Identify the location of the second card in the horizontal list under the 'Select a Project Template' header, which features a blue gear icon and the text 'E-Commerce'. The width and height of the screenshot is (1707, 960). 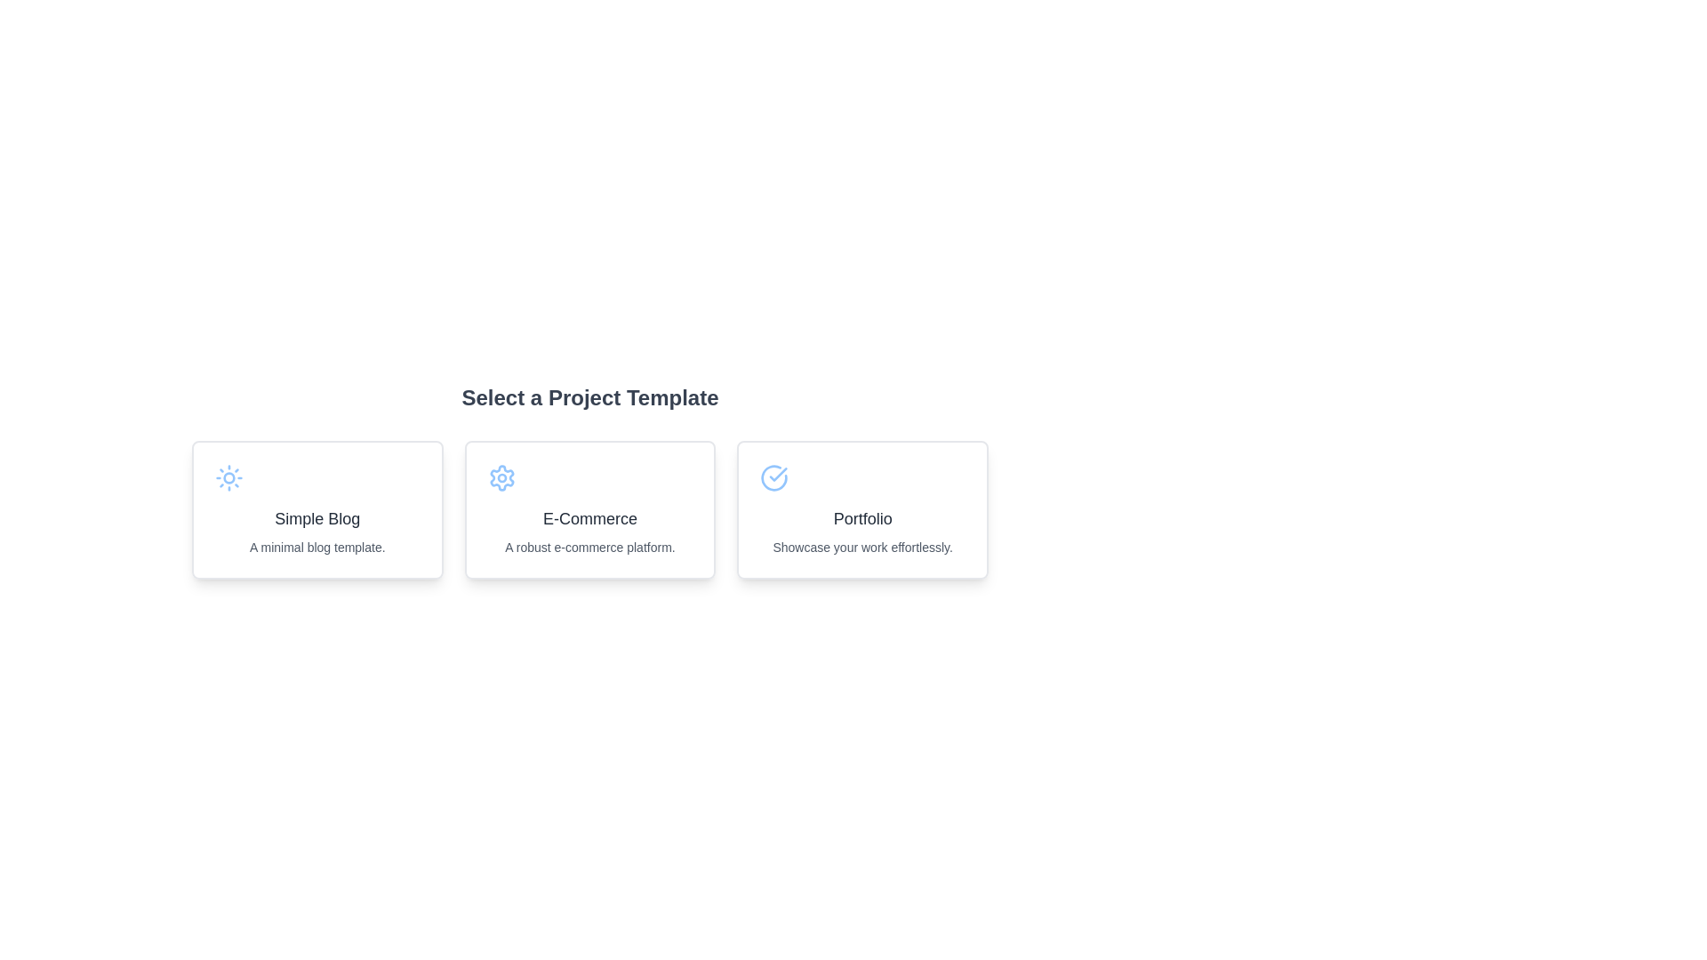
(589, 510).